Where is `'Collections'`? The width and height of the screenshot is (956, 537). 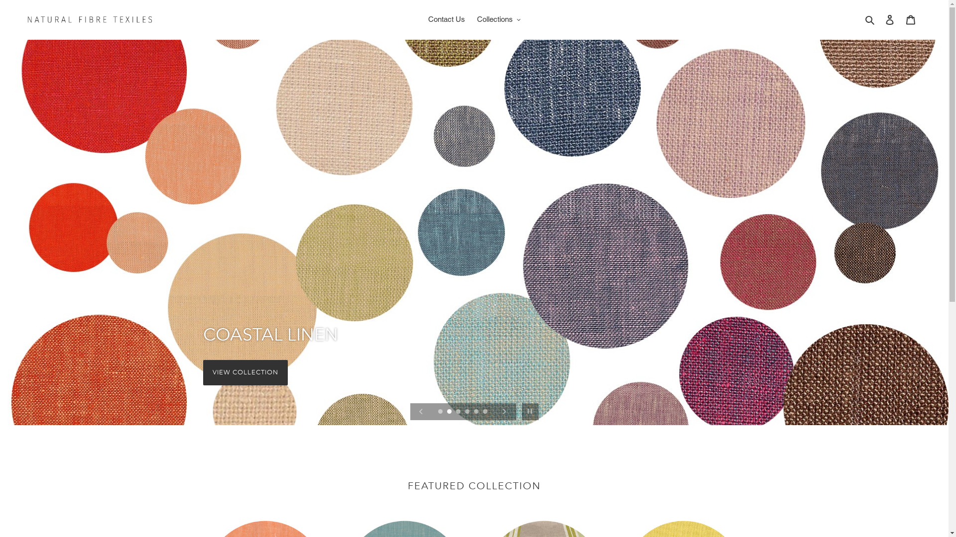 'Collections' is located at coordinates (499, 19).